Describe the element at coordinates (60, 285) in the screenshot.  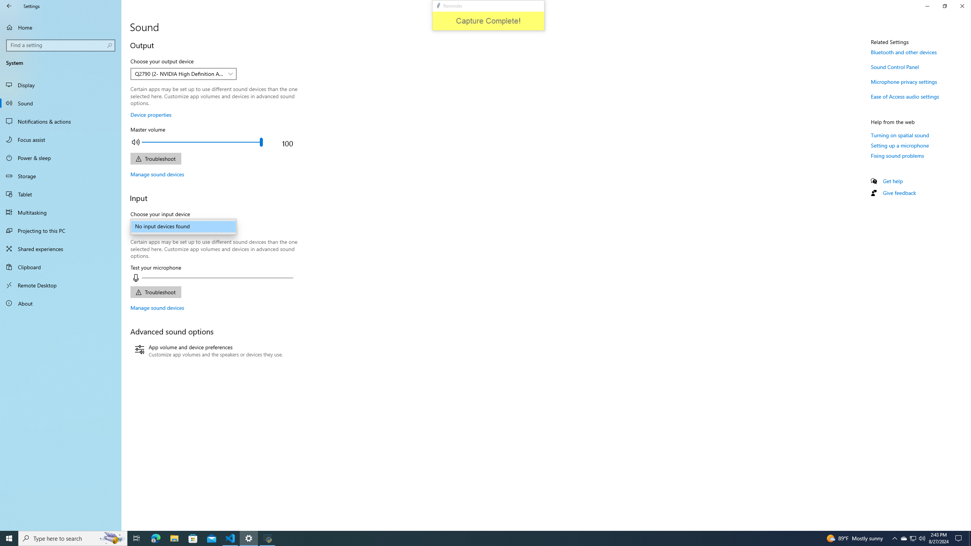
I see `'Remote Desktop'` at that location.